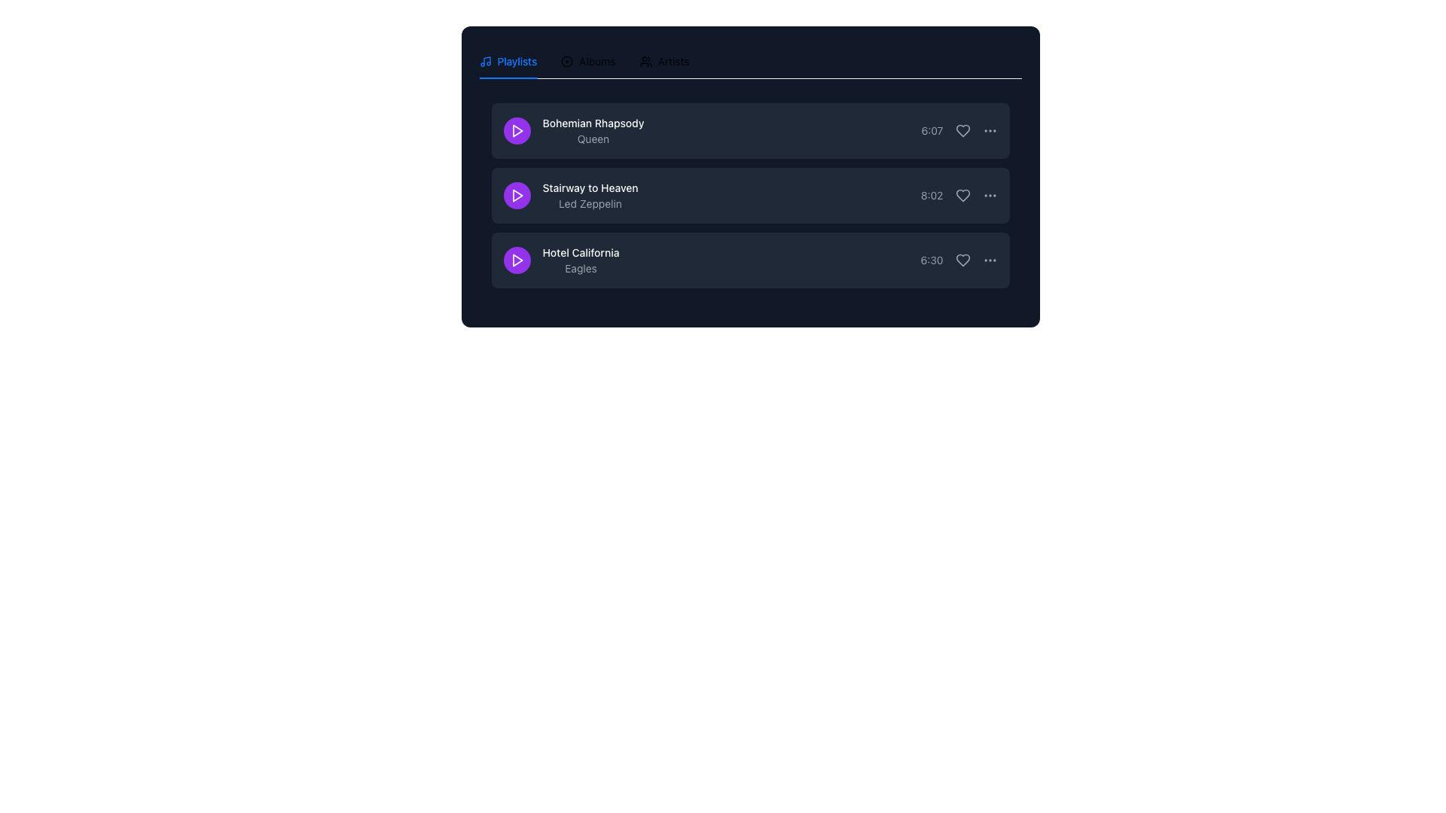  Describe the element at coordinates (931, 194) in the screenshot. I see `the text label displaying '8:02' in a small font size with a light gray color, located in the second row of the song list, to the left of the heart icon and ellipsis icon` at that location.